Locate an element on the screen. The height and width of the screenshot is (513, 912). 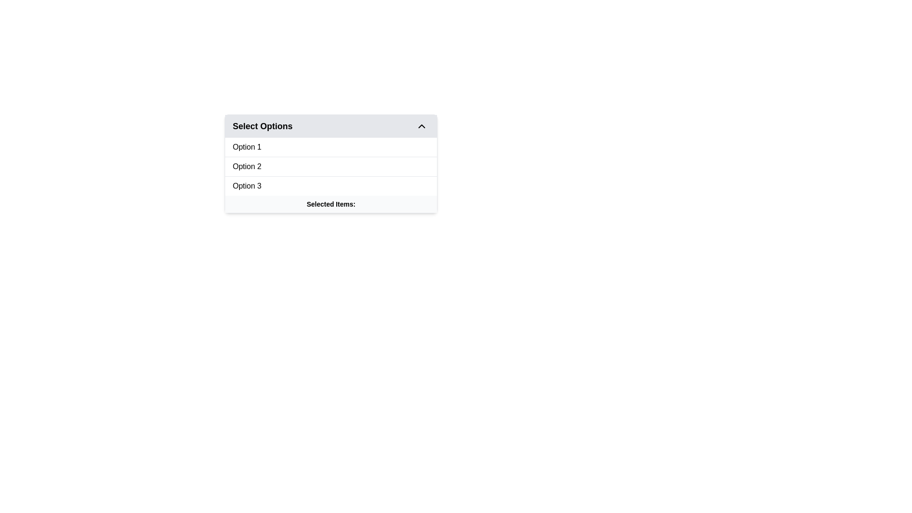
the chevron-up icon located in the top-right corner of the 'Select Options' dropdown menu is located at coordinates (421, 126).